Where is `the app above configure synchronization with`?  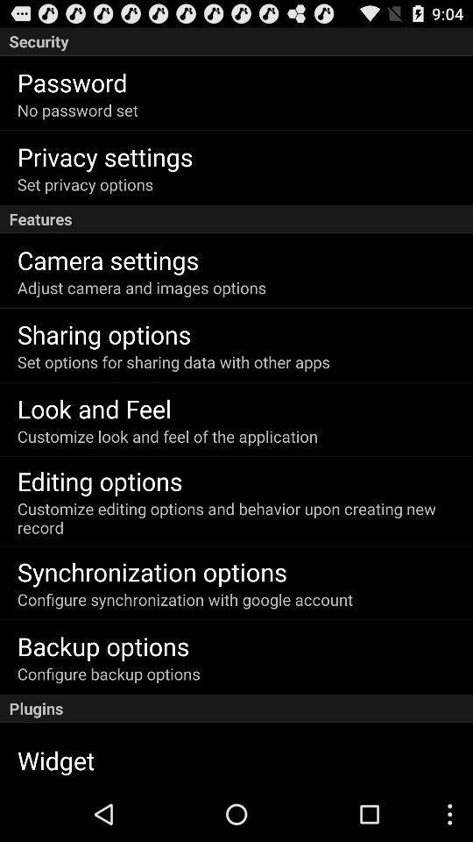
the app above configure synchronization with is located at coordinates (152, 570).